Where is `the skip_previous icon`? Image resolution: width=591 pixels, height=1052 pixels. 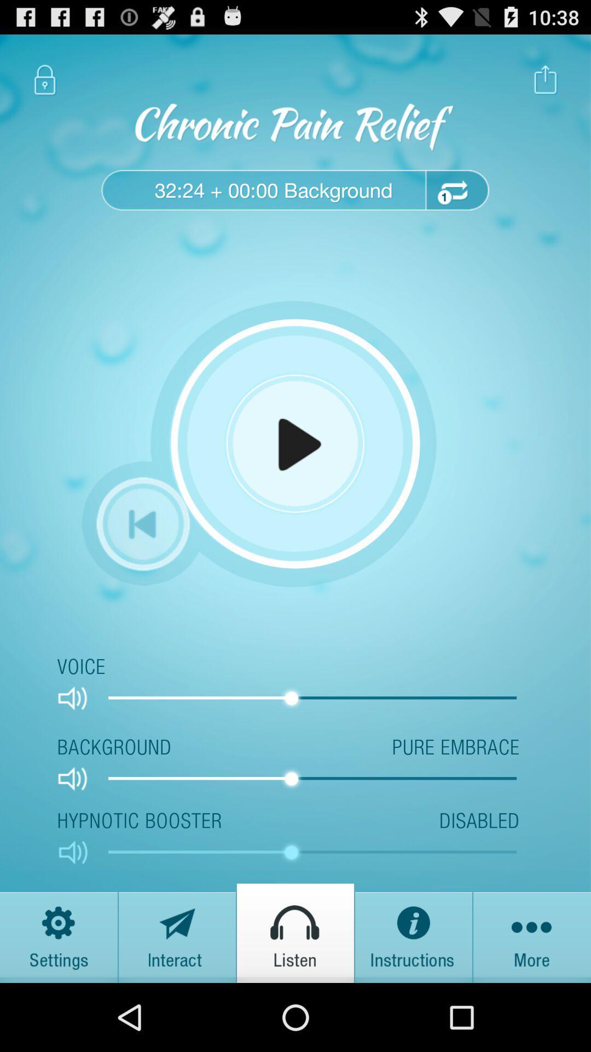 the skip_previous icon is located at coordinates (142, 561).